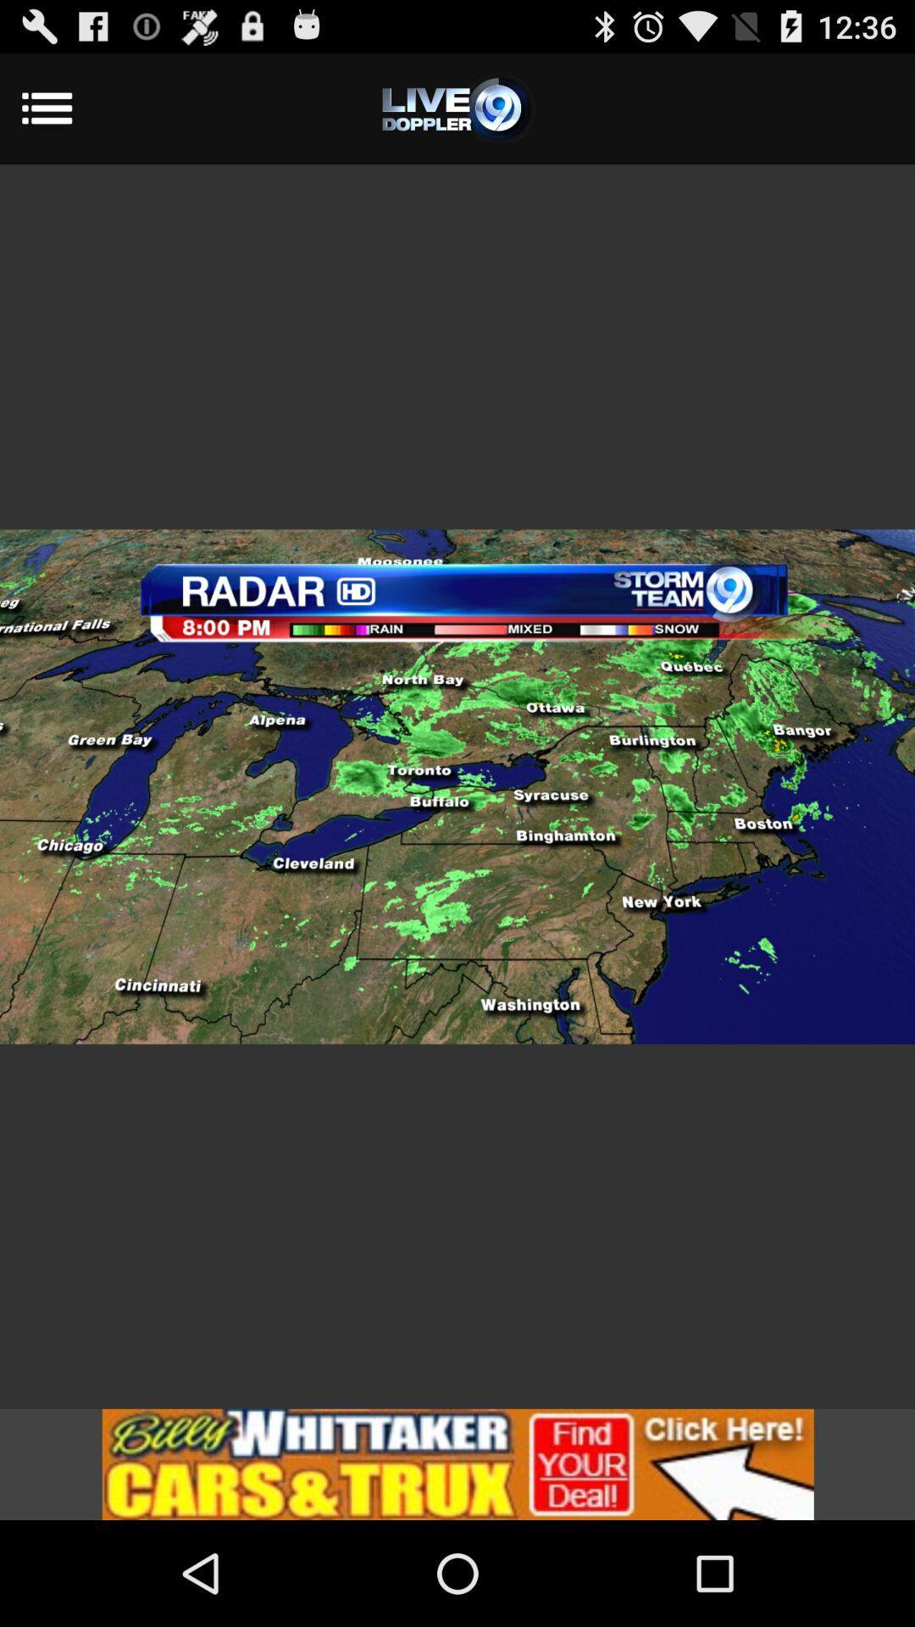 Image resolution: width=915 pixels, height=1627 pixels. Describe the element at coordinates (457, 1463) in the screenshot. I see `advertisement page` at that location.